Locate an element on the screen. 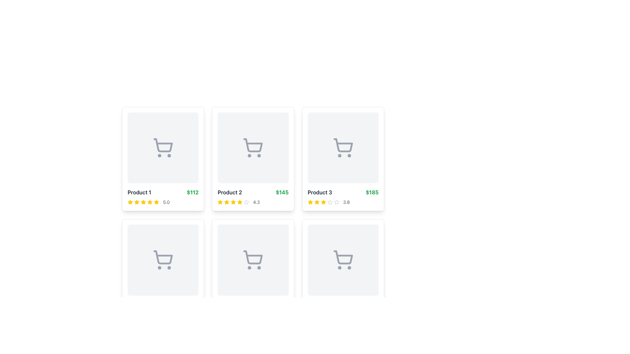 This screenshot has height=354, width=630. the numeric indicator text that displays the product rating, located to the right of the yellow star icons in the product grid is located at coordinates (166, 202).